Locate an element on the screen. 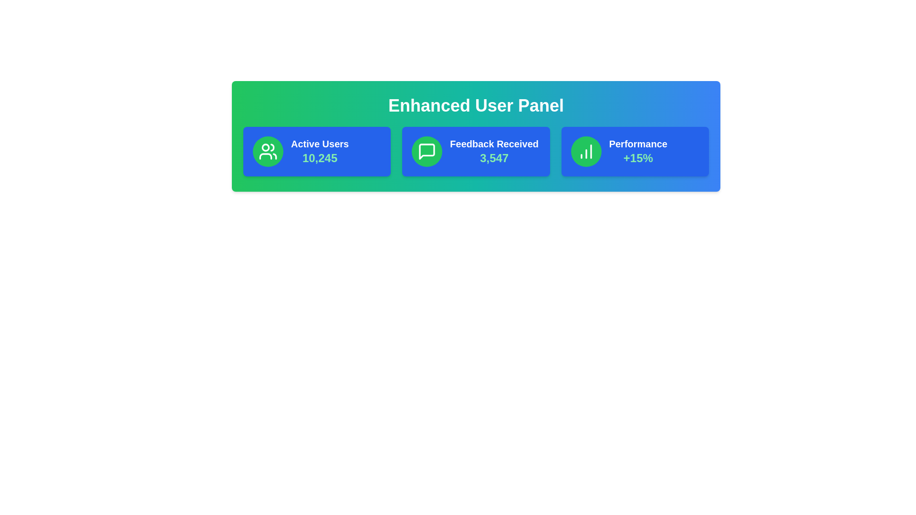 Image resolution: width=916 pixels, height=515 pixels. the icon within the card labeled Active Users is located at coordinates (267, 151).